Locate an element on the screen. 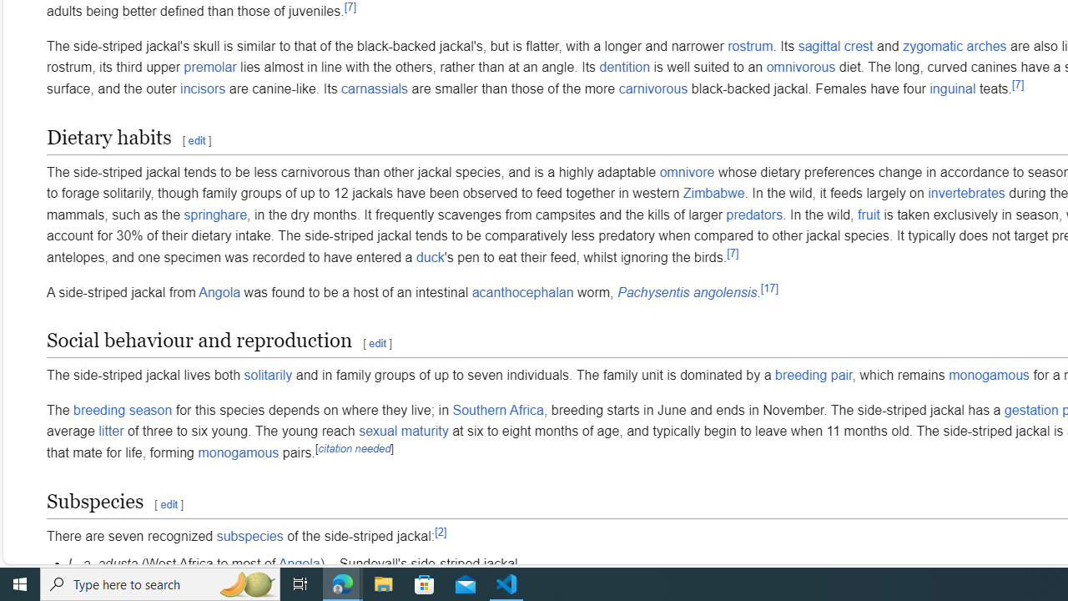 Image resolution: width=1068 pixels, height=601 pixels. 'premolar' is located at coordinates (209, 67).